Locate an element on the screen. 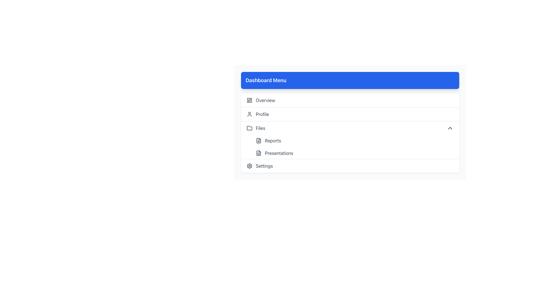 This screenshot has width=547, height=307. the 'Presentations' icon located on the left side of the 'Presentations' text in the dashboard menu is located at coordinates (258, 153).